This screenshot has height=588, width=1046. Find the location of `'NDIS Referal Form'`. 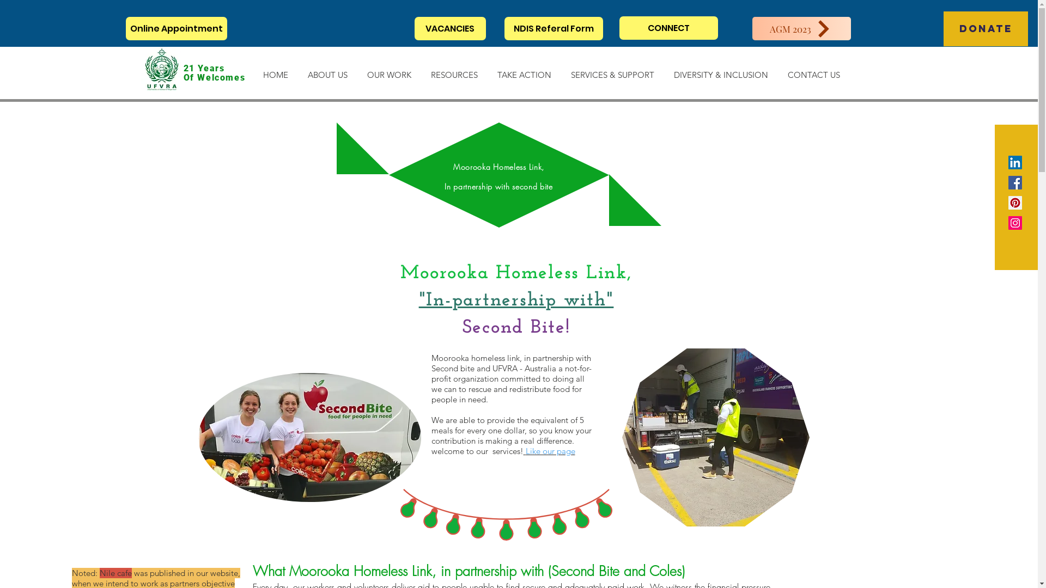

'NDIS Referal Form' is located at coordinates (504, 28).